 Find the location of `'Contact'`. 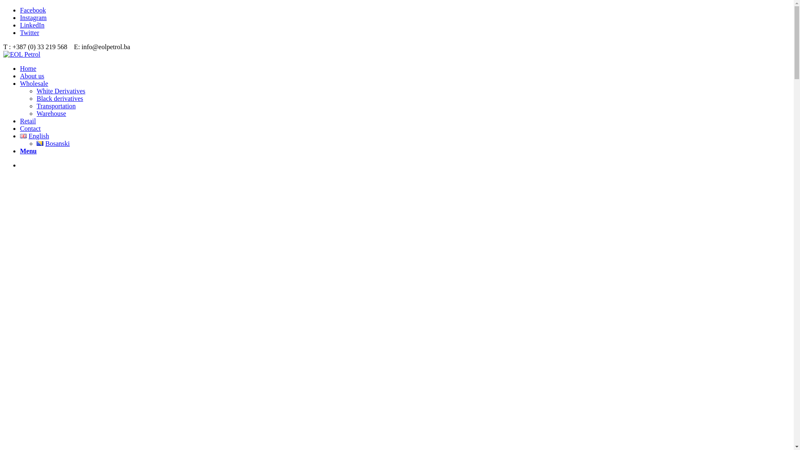

'Contact' is located at coordinates (30, 128).